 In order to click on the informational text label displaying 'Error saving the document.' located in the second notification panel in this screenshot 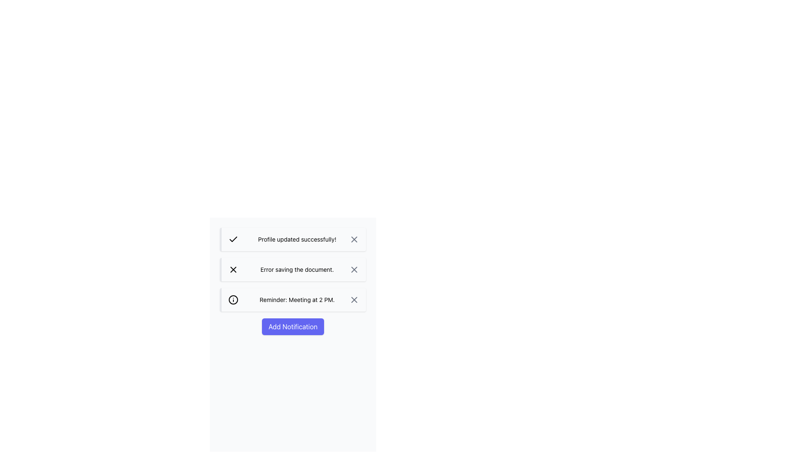, I will do `click(297, 270)`.